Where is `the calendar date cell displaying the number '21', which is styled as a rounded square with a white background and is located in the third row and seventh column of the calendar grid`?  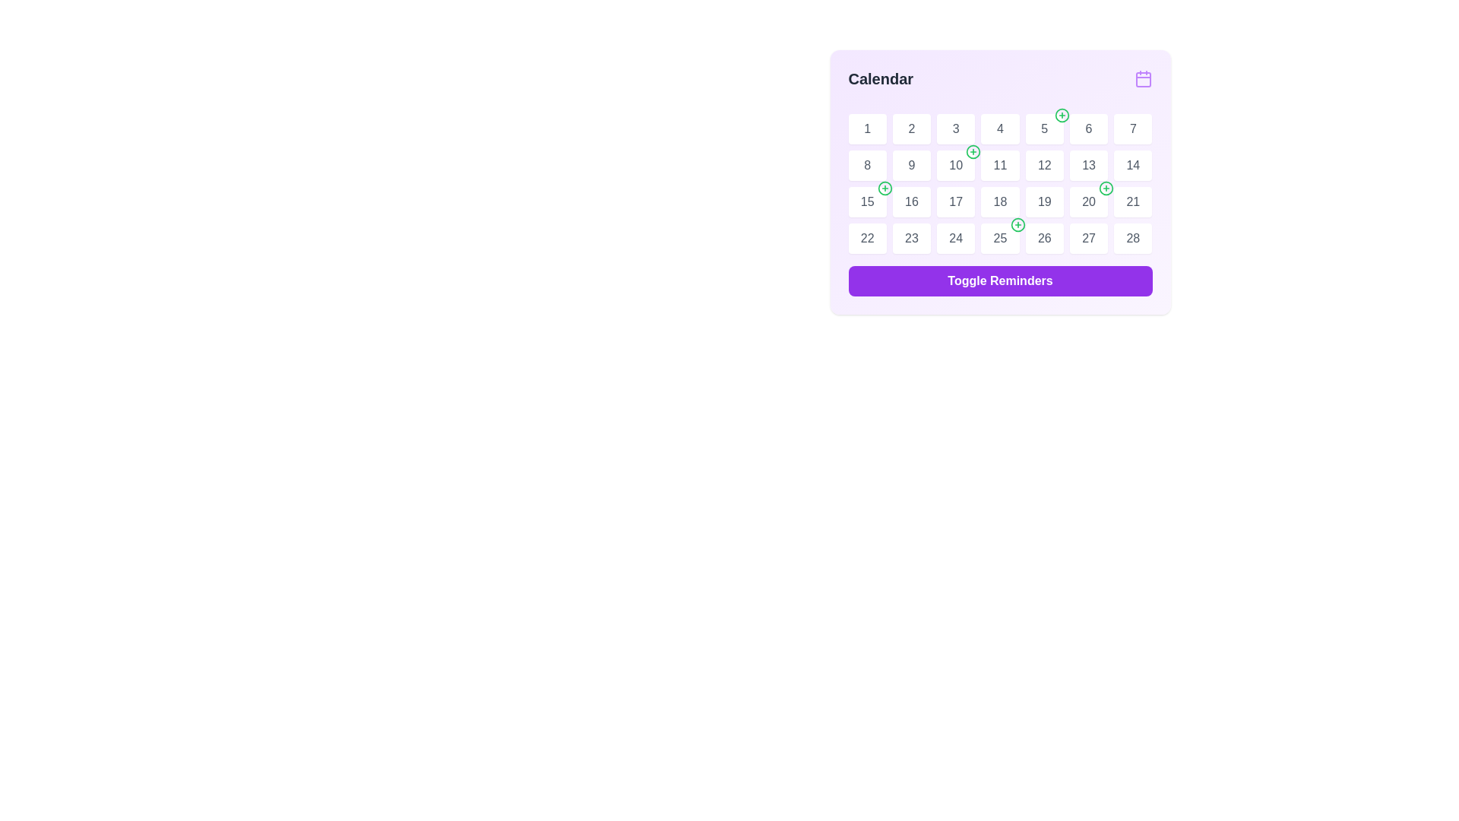 the calendar date cell displaying the number '21', which is styled as a rounded square with a white background and is located in the third row and seventh column of the calendar grid is located at coordinates (1133, 201).